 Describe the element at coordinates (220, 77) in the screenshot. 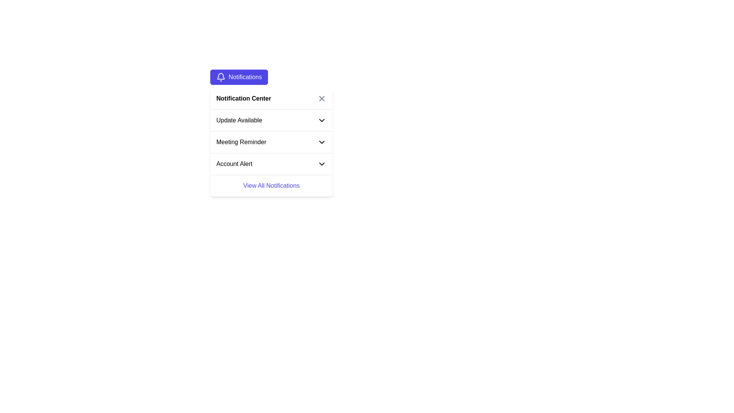

I see `the bell-shaped SVG icon that is positioned to the left of the 'Notifications' text within a purple button at the top left of the interface panel` at that location.